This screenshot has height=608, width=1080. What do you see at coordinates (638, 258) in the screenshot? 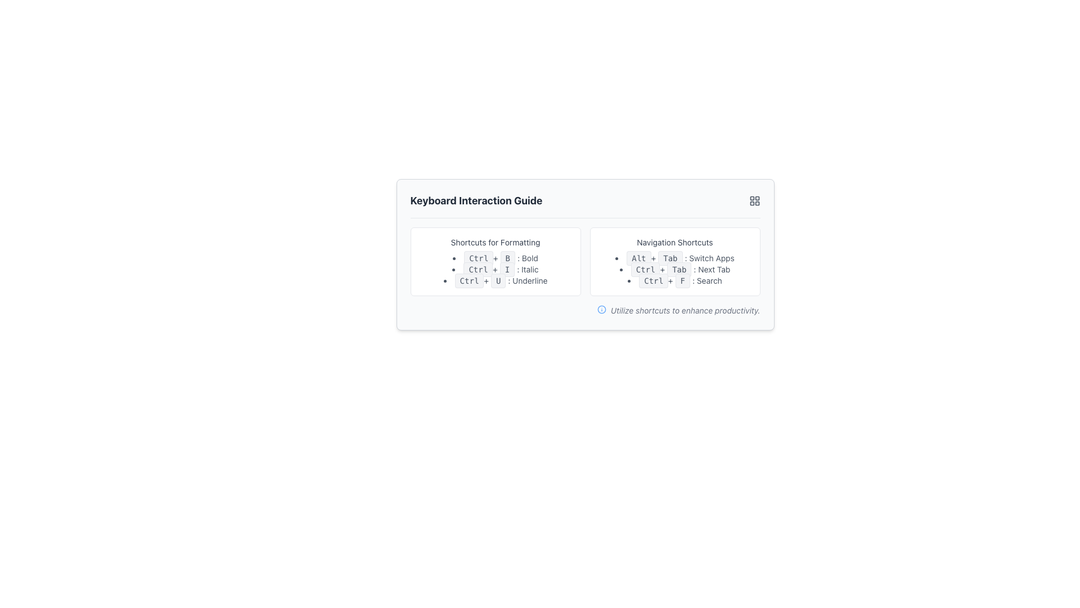
I see `the button-like display element labeled 'Alt' in the 'Navigation Shortcuts' section of the 'Keyboard Interaction Guide'` at bounding box center [638, 258].